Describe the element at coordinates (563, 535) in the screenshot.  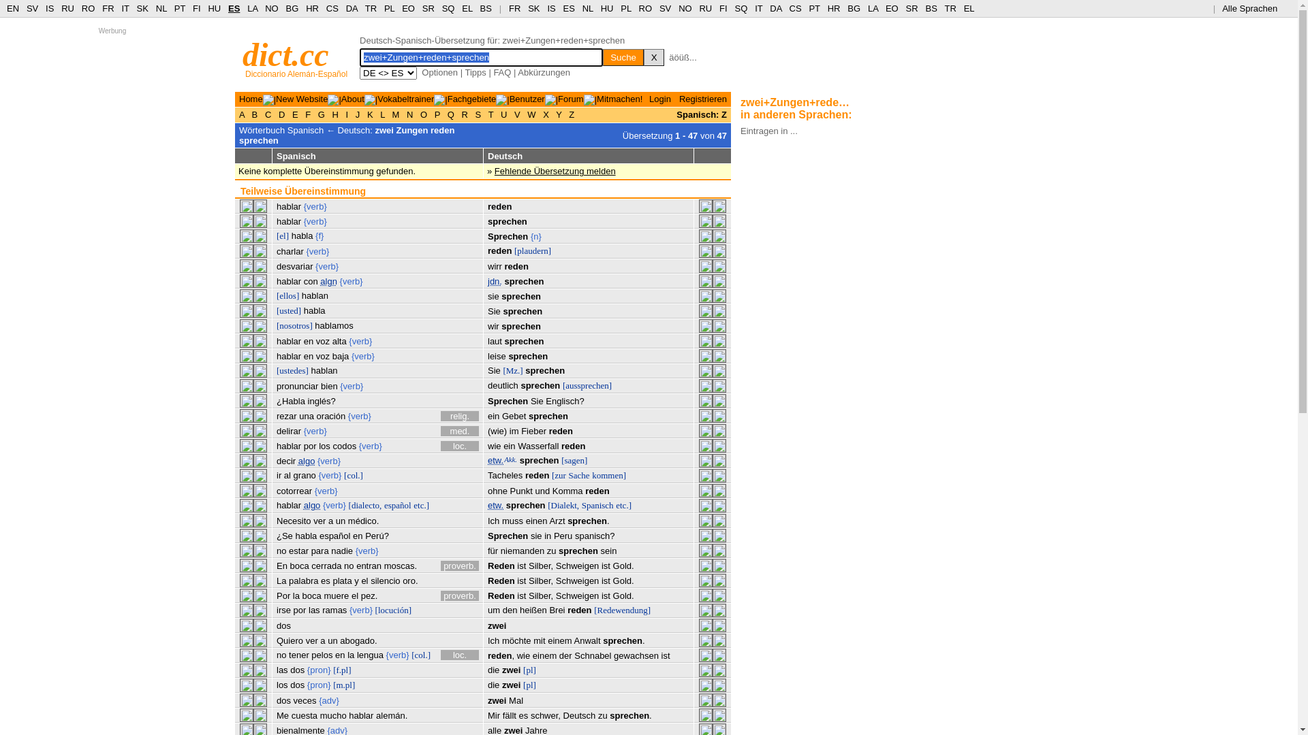
I see `'Peru'` at that location.